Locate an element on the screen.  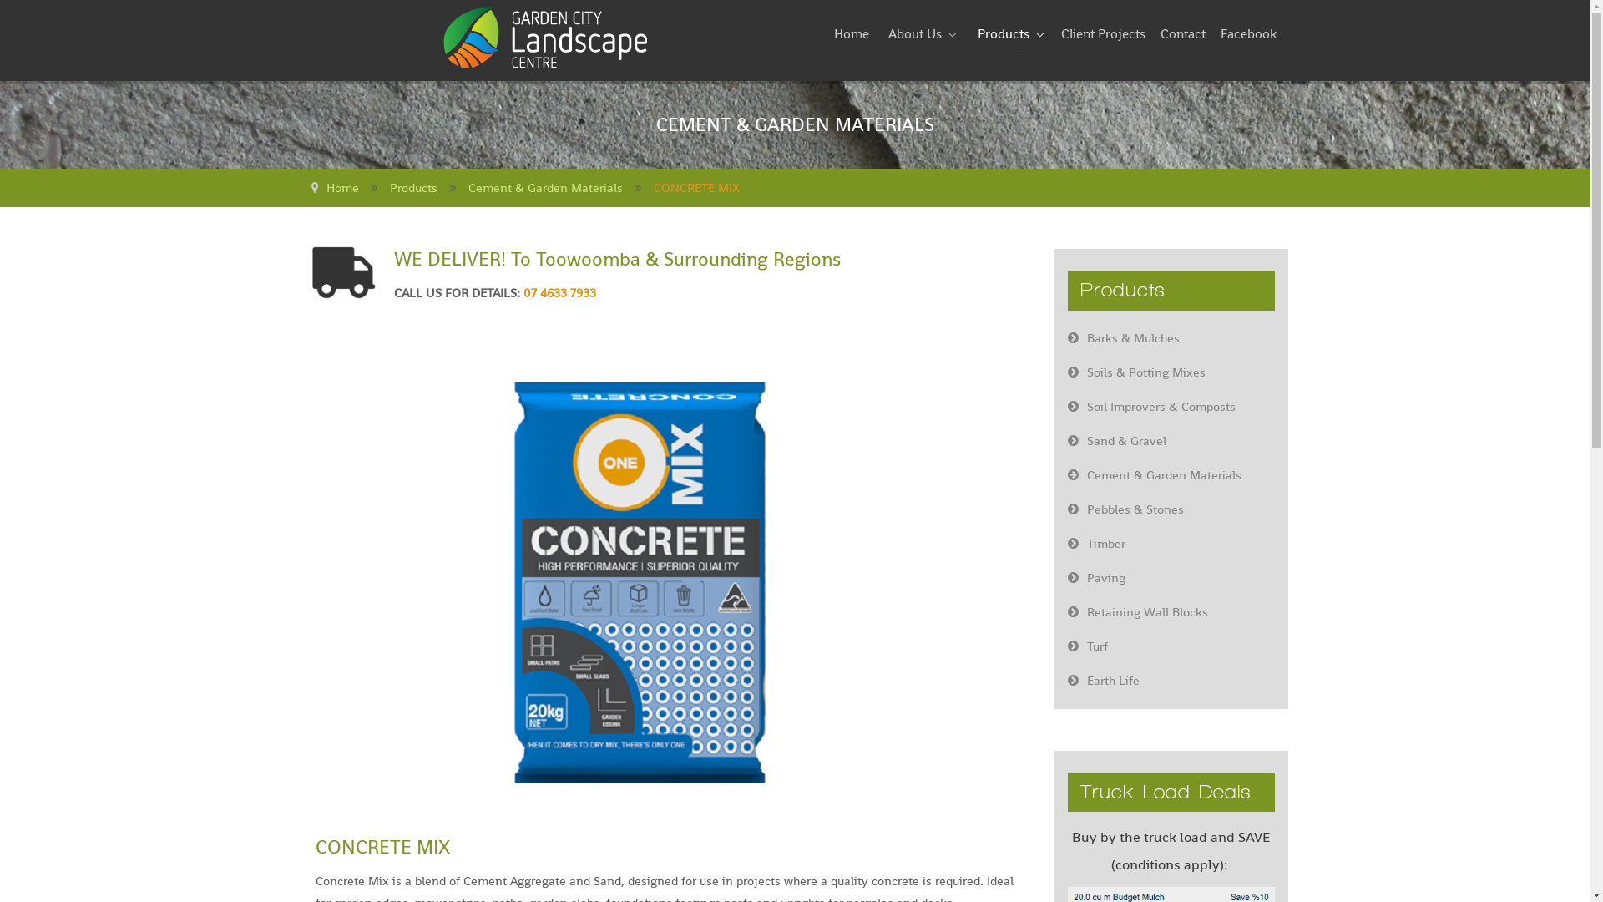
'Contact' is located at coordinates (1181, 34).